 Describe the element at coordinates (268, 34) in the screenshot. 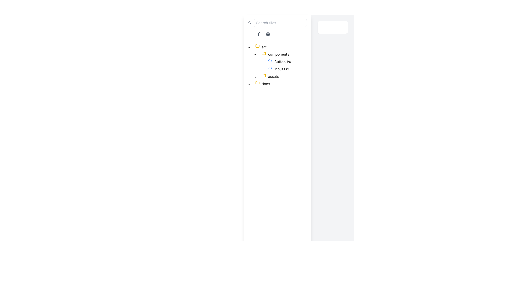

I see `the outer gear shape of the settings icon located in the left toolbar, positioned above the file explorer list and aligned with the search bar, to interact with the settings option` at that location.